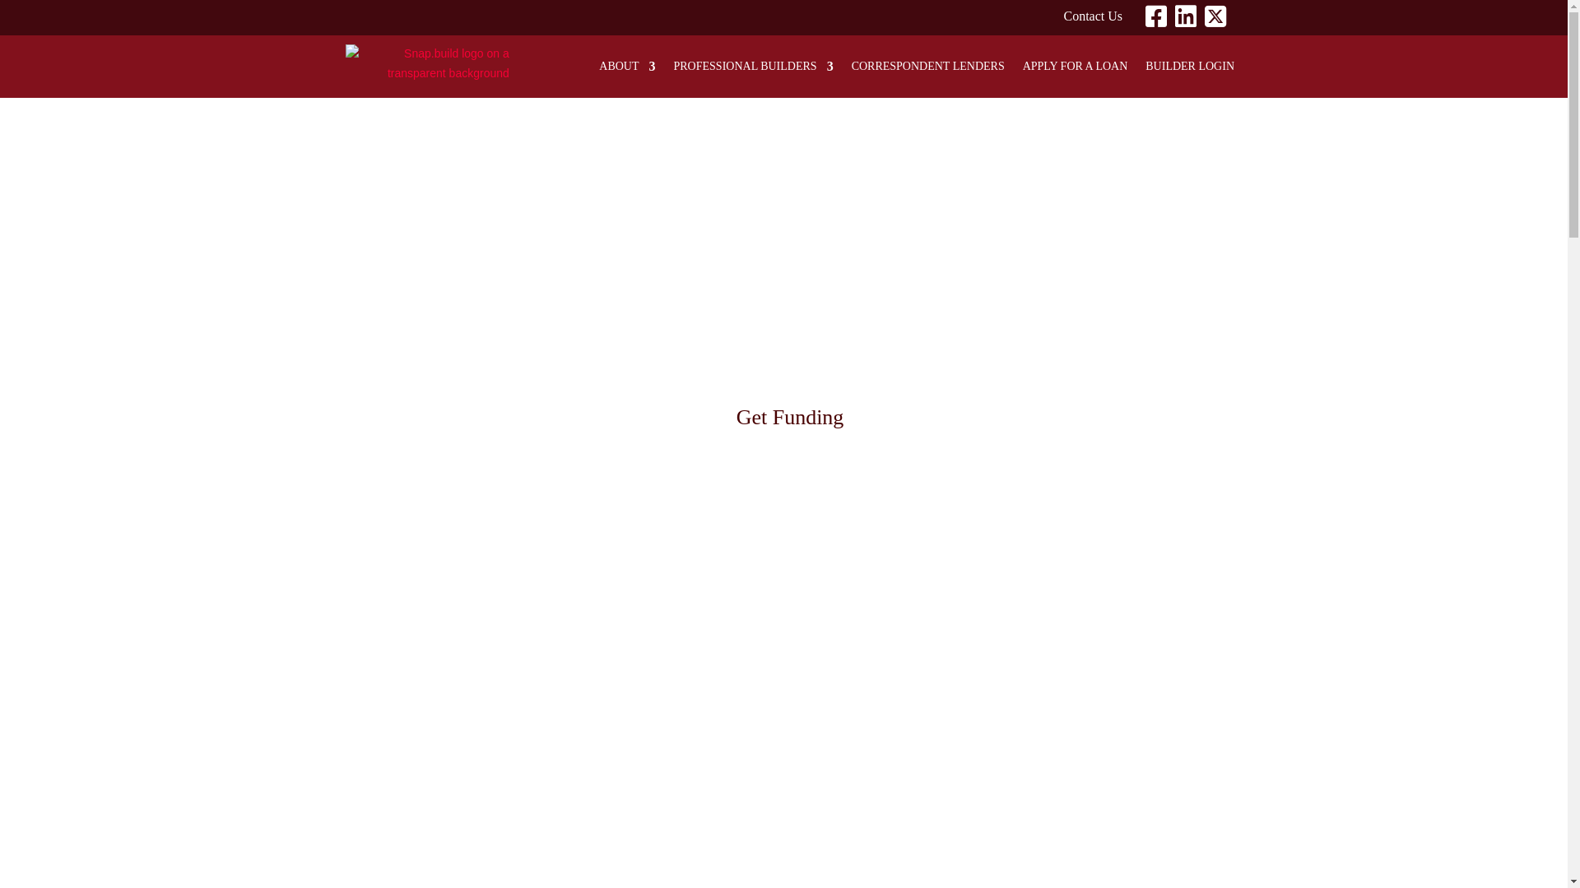 This screenshot has width=1580, height=888. What do you see at coordinates (1189, 66) in the screenshot?
I see `'BUILDER LOGIN'` at bounding box center [1189, 66].